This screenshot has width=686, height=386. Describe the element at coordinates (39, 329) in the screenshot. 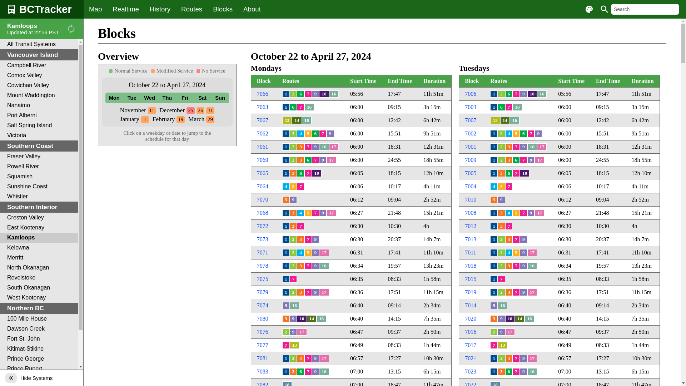

I see `'Dawson Creek'` at that location.